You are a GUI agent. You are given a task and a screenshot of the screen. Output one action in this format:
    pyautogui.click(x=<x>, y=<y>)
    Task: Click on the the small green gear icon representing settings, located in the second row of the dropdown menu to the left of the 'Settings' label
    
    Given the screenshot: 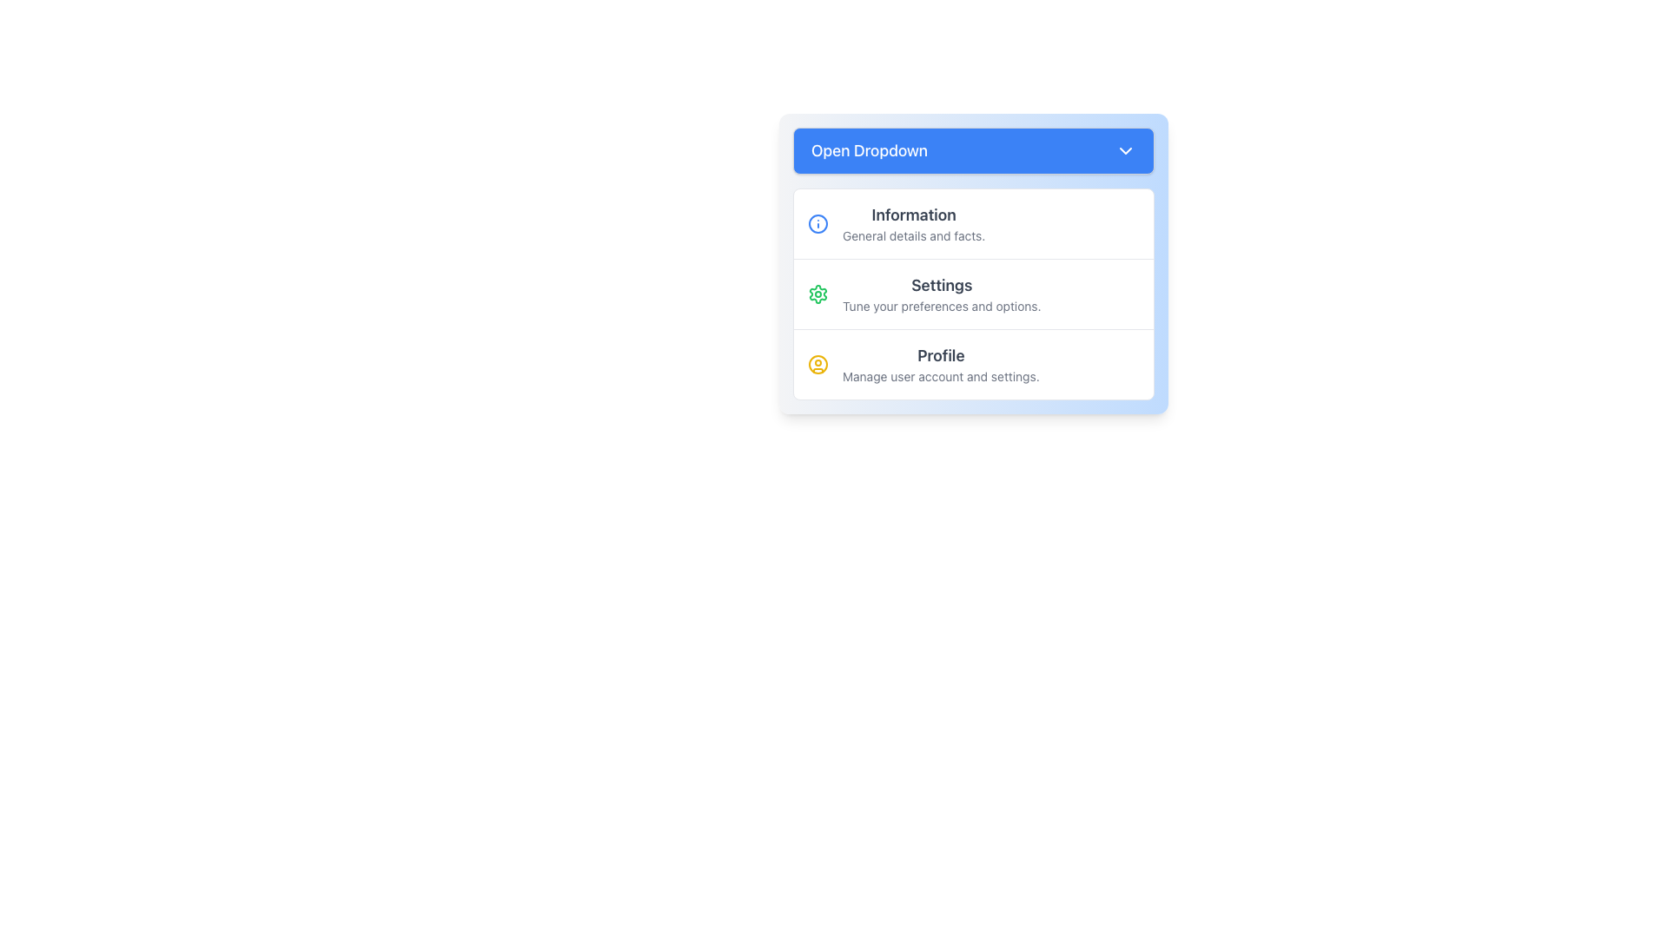 What is the action you would take?
    pyautogui.click(x=817, y=294)
    